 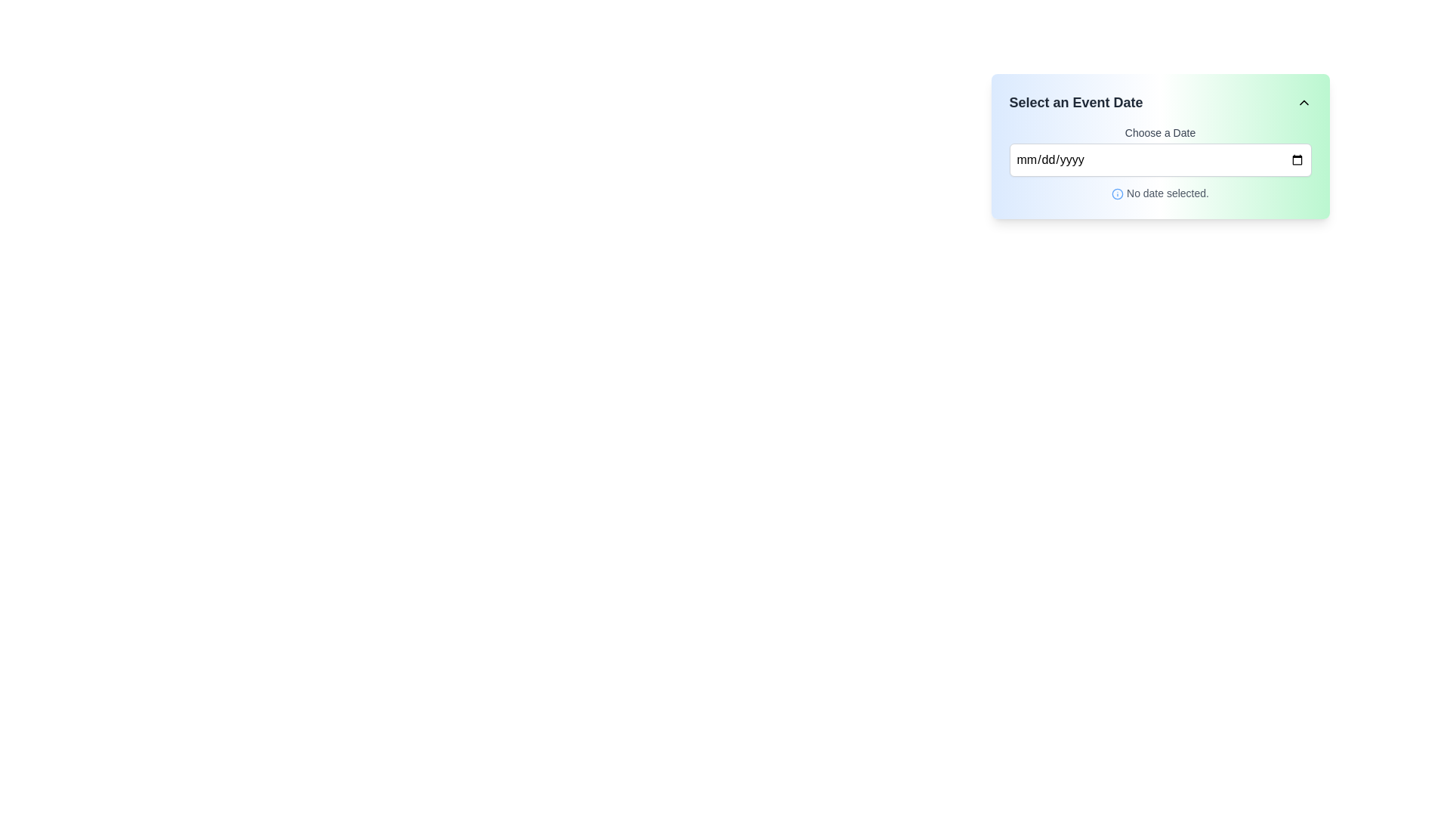 What do you see at coordinates (1117, 193) in the screenshot?
I see `the circular icon with a light blue outline located to the left of the text 'No date selected.' in the date selection interface` at bounding box center [1117, 193].